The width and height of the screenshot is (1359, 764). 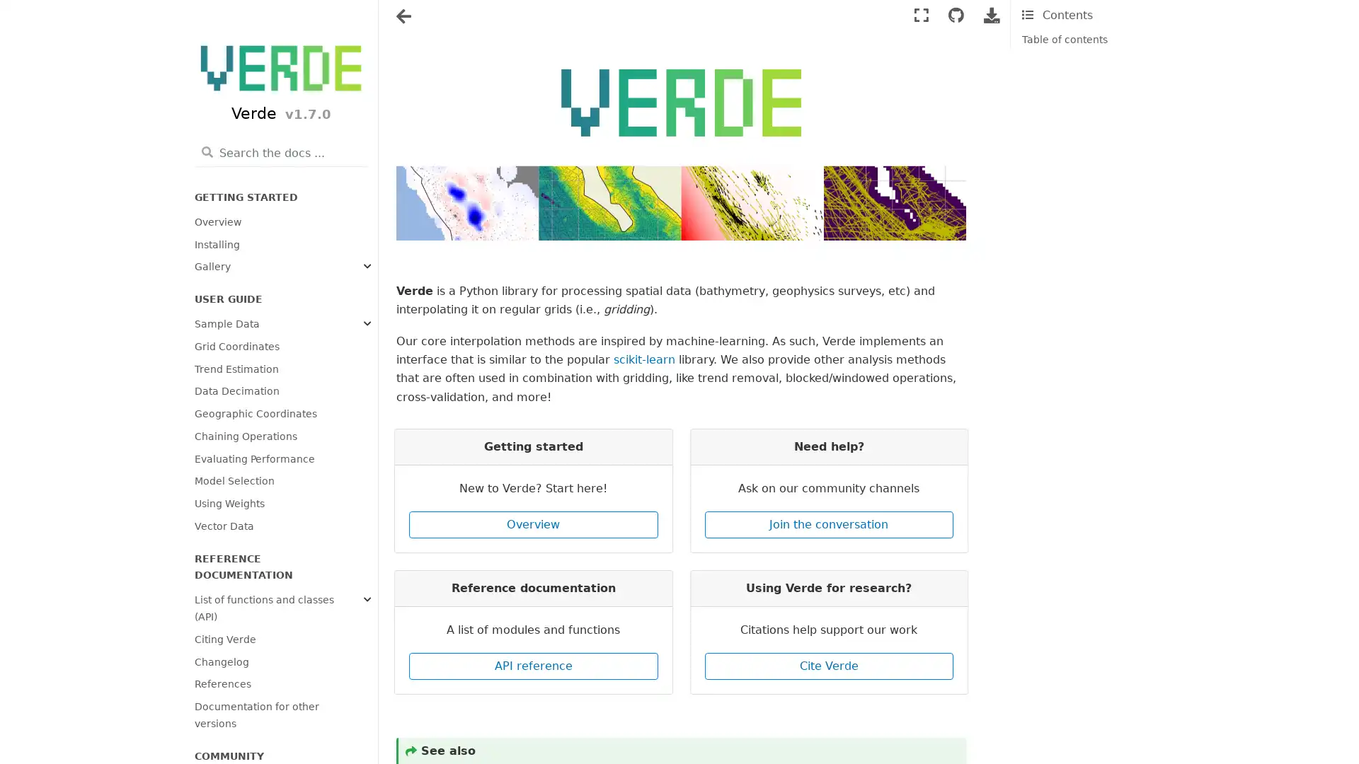 I want to click on Download this page, so click(x=991, y=16).